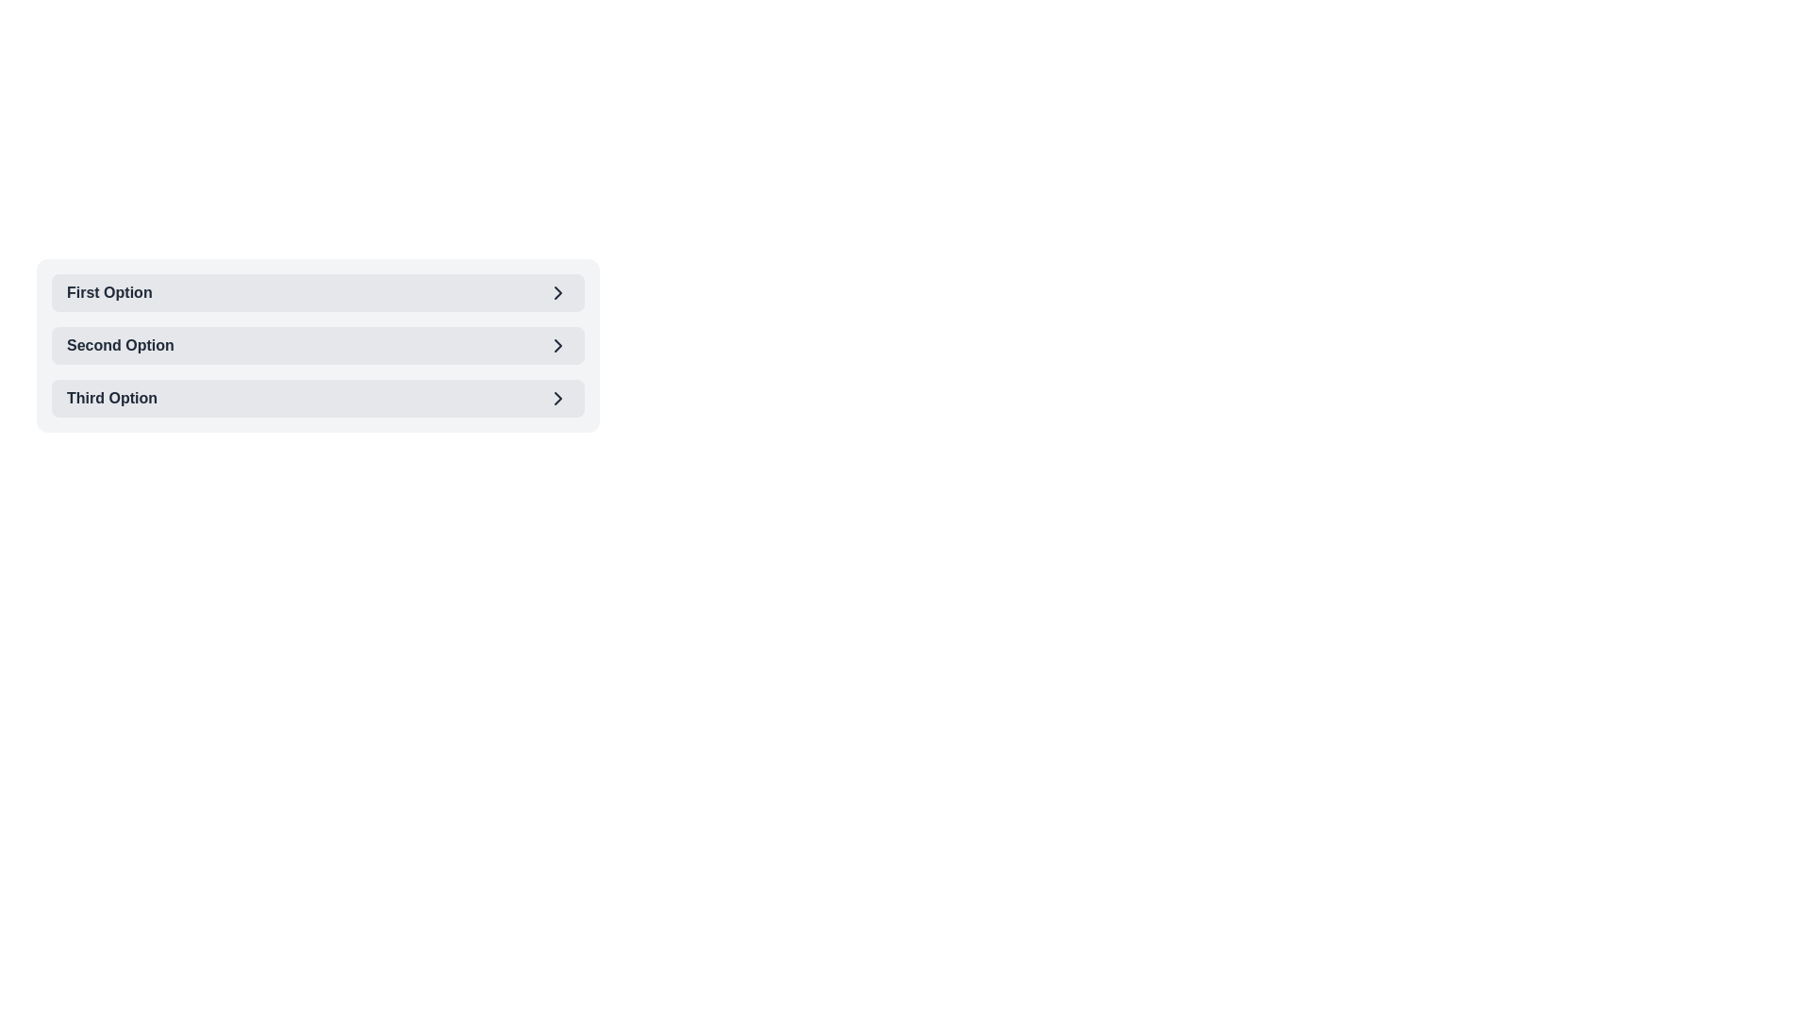  What do you see at coordinates (557, 293) in the screenshot?
I see `the forward navigation icon located at the right end of the 'First Option' row` at bounding box center [557, 293].